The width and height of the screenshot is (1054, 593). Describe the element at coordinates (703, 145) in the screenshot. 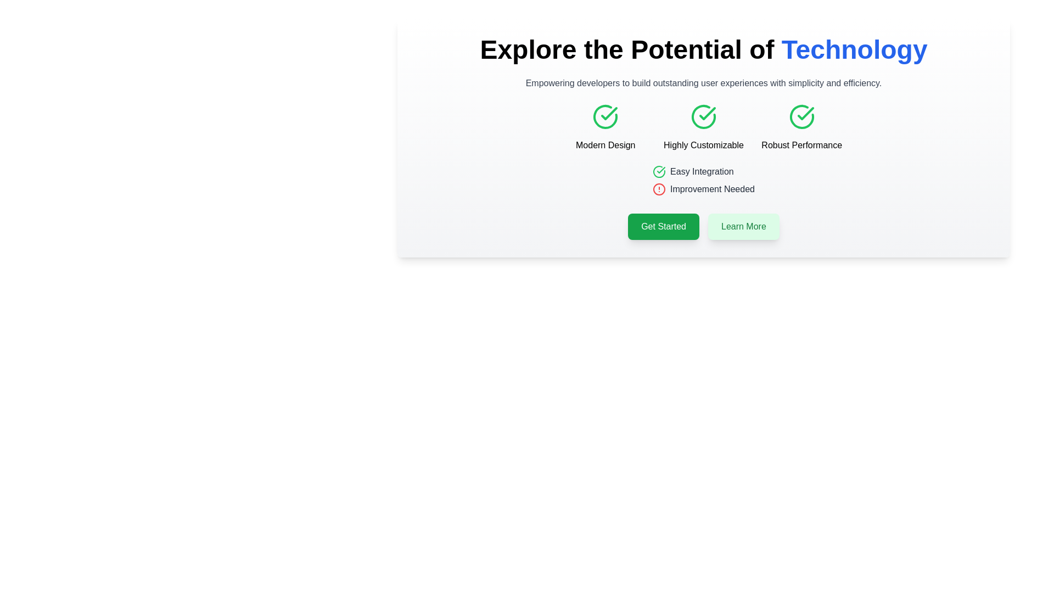

I see `the informational text label titled 'Highly Customizable' located vertically beneath the green checkmark icon in the central column of the three-column layout` at that location.